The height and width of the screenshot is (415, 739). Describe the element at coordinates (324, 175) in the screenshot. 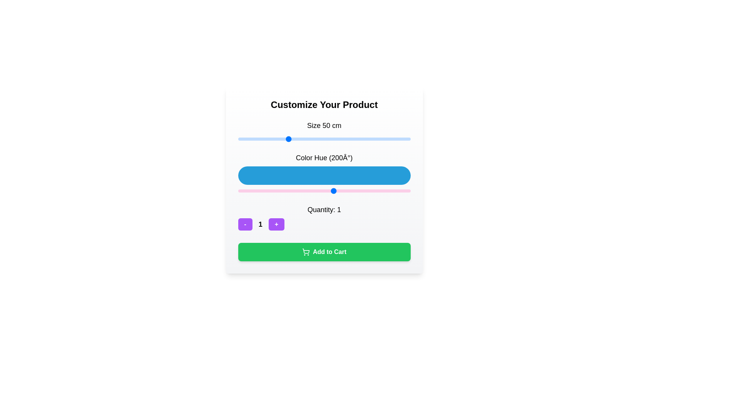

I see `the non-interactive graphical component, which is a horizontally elongated rounded rectangle with a blue fill, located below the label 'Color Hue (200°)' and above a pink horizontal slider` at that location.